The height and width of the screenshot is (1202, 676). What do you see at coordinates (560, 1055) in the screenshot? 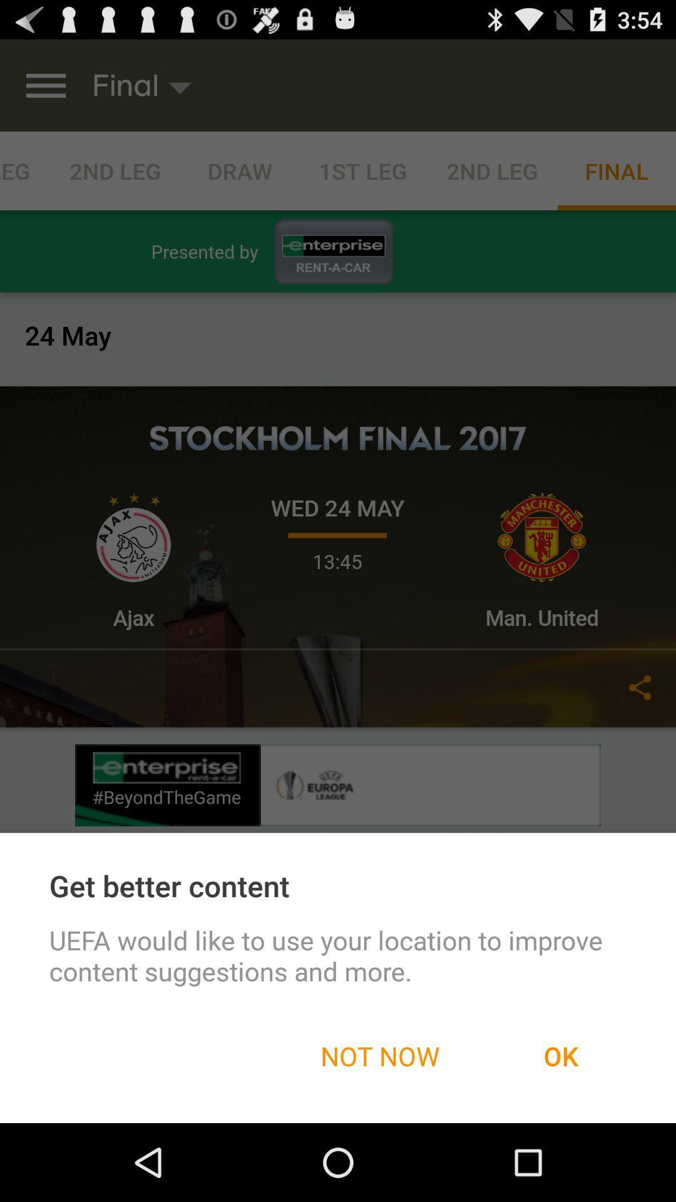
I see `the ok item` at bounding box center [560, 1055].